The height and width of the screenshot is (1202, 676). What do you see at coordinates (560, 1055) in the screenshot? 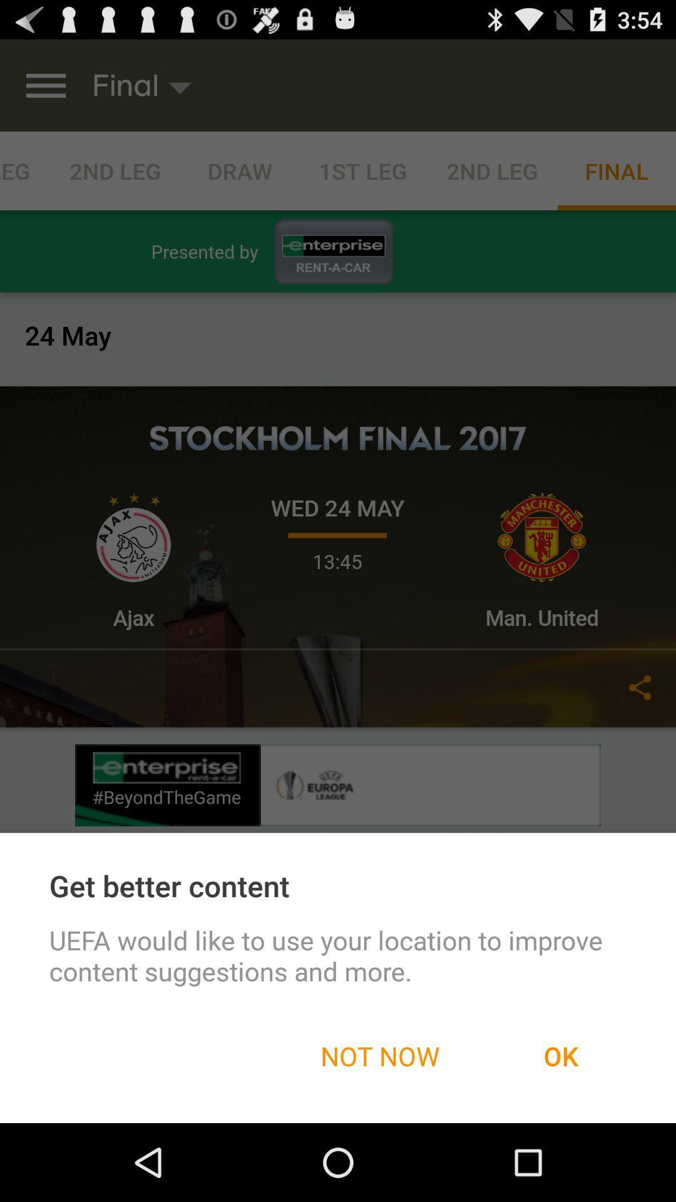
I see `the ok item` at bounding box center [560, 1055].